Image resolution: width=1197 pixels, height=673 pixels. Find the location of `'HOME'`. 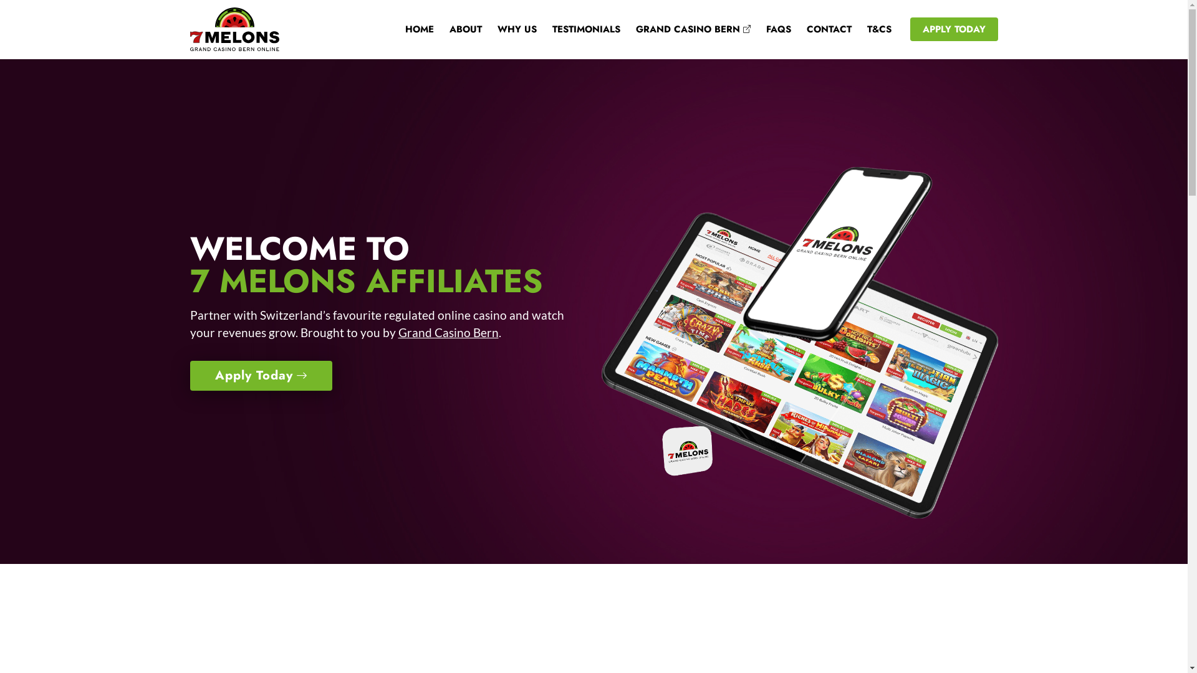

'HOME' is located at coordinates (411, 29).